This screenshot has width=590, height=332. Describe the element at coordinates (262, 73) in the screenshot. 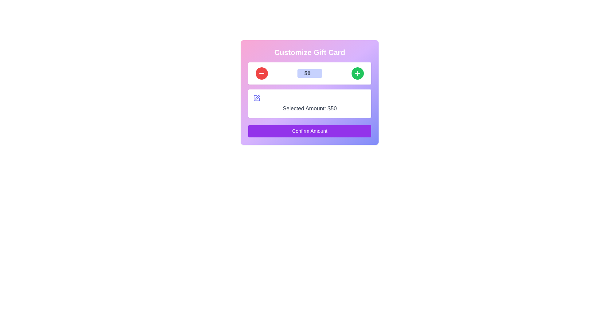

I see `the button that decreases the numeric value of the adjacent input field, located on the left side of a horizontal layout within a card component` at that location.